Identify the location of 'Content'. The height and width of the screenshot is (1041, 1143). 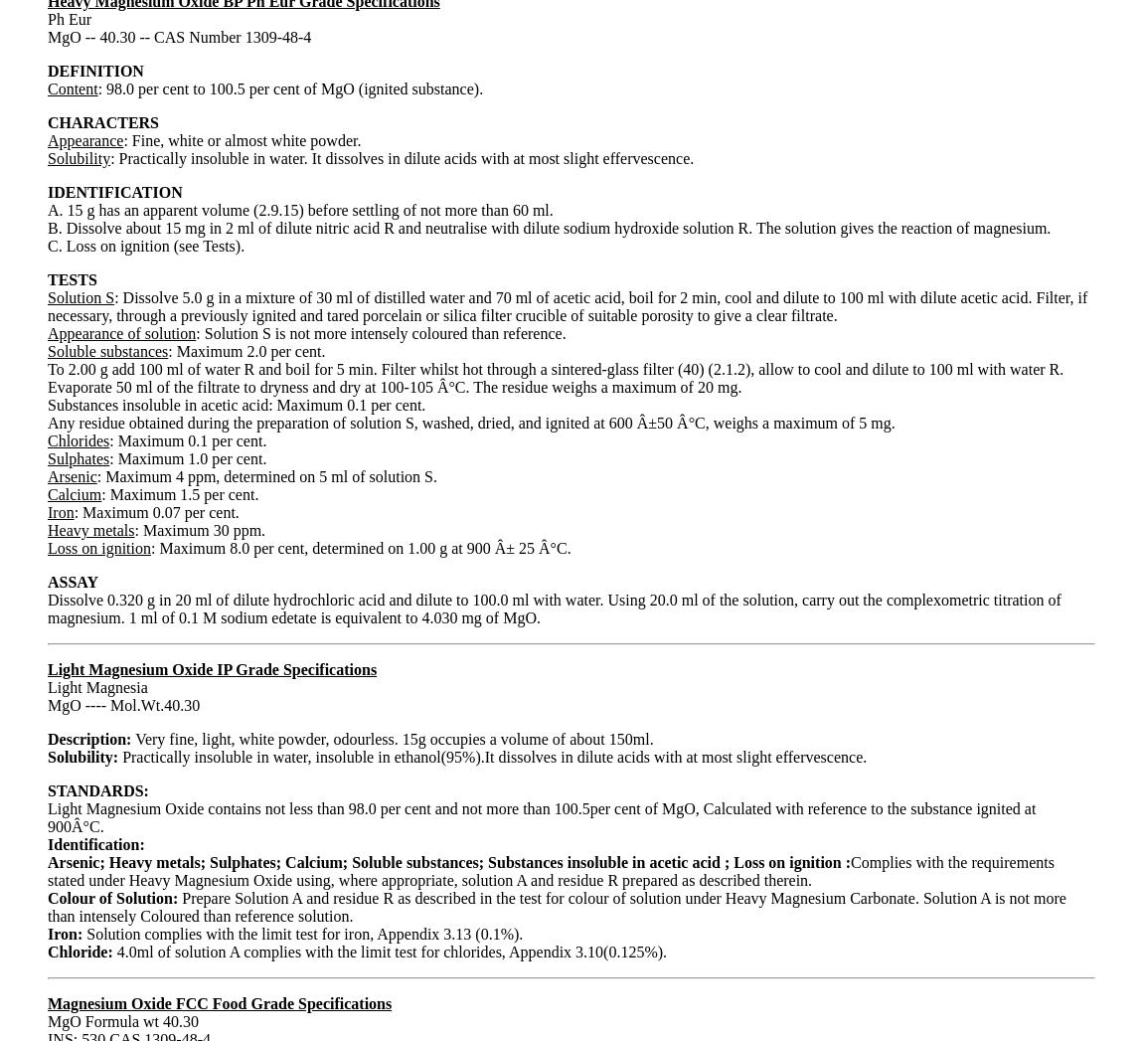
(72, 87).